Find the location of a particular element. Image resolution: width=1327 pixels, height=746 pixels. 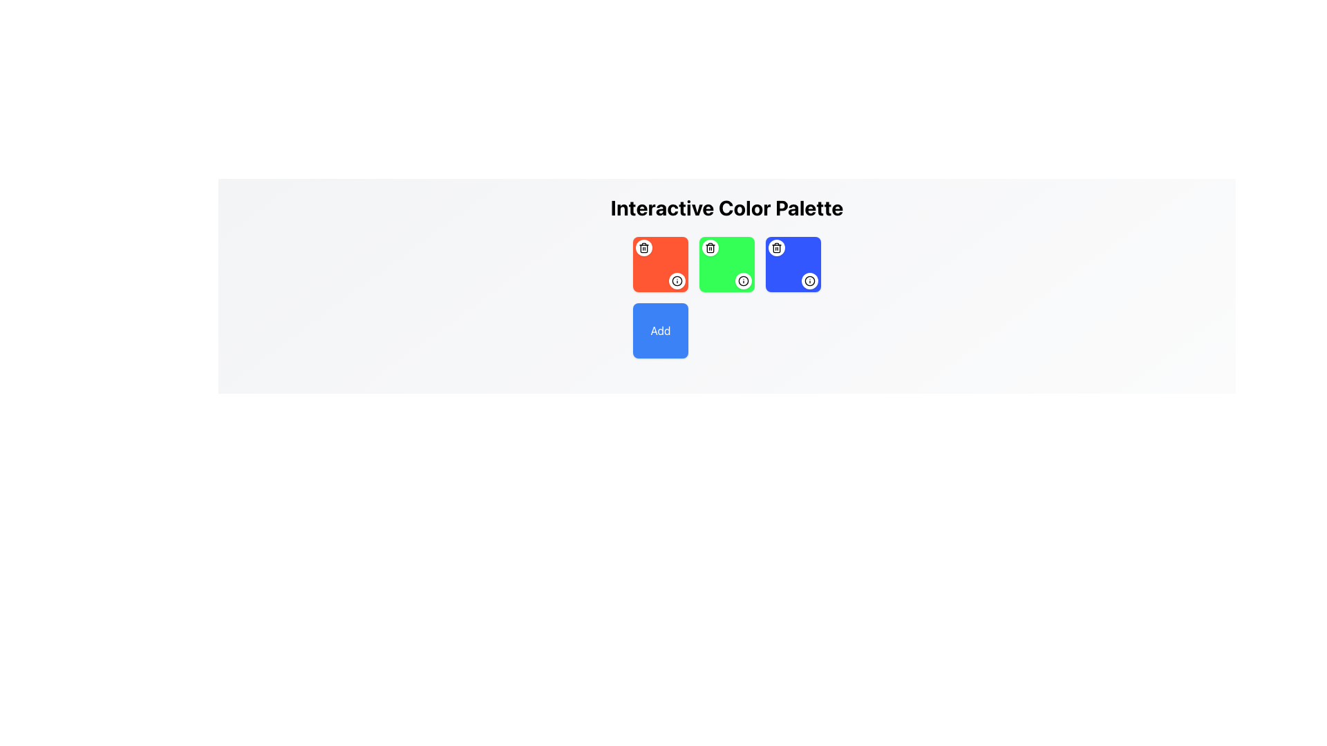

the trash can icon within the circular button located in the blue-colored square, positioned at the top-left corner is located at coordinates (776, 247).